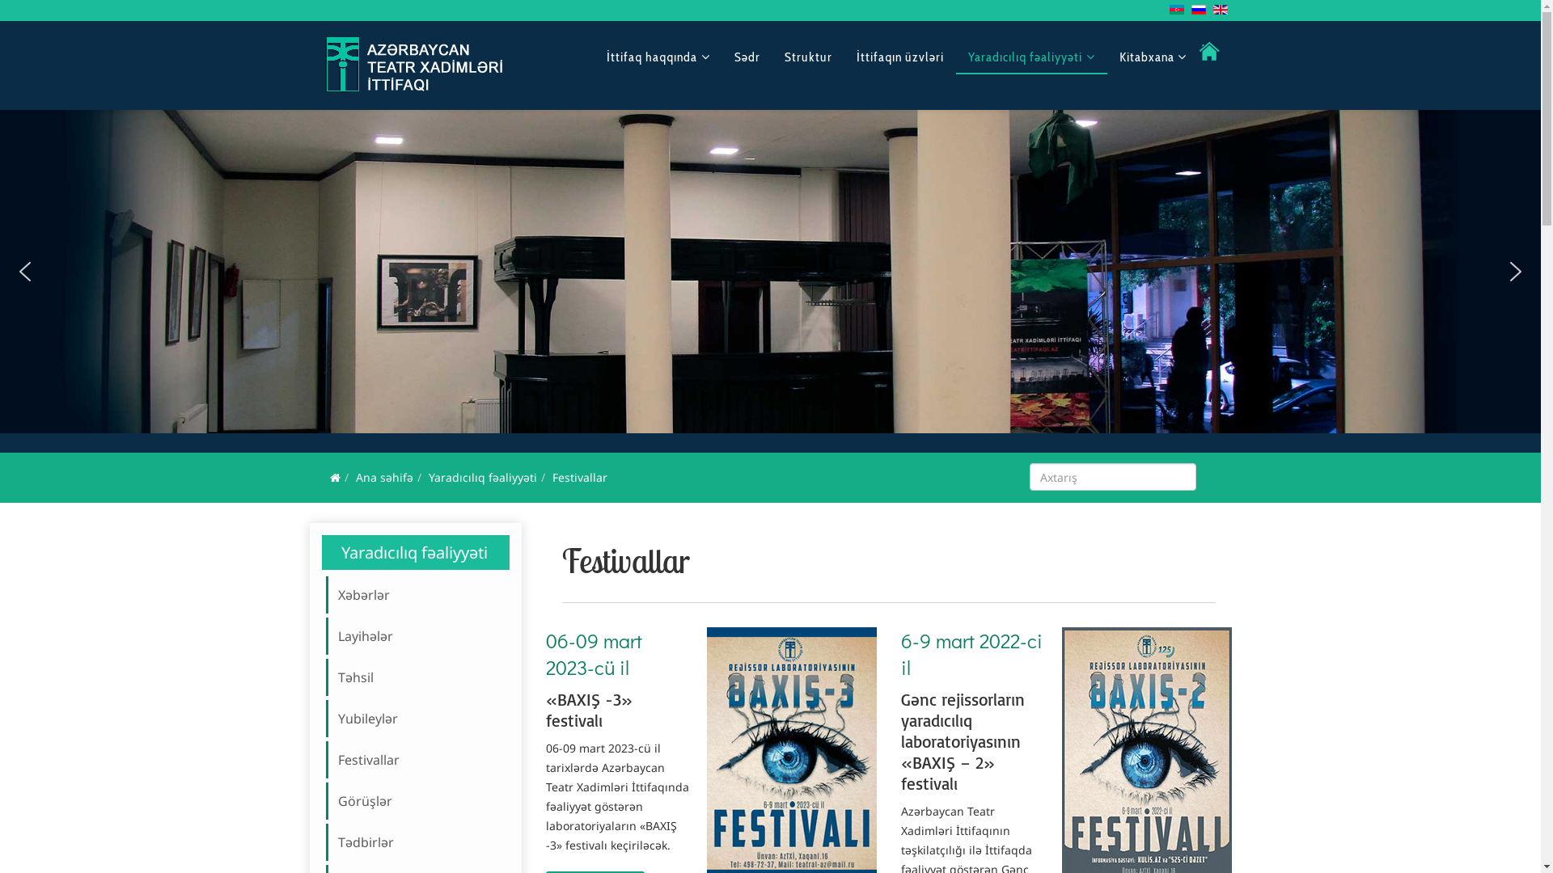 This screenshot has height=873, width=1553. What do you see at coordinates (807, 56) in the screenshot?
I see `'Struktur'` at bounding box center [807, 56].